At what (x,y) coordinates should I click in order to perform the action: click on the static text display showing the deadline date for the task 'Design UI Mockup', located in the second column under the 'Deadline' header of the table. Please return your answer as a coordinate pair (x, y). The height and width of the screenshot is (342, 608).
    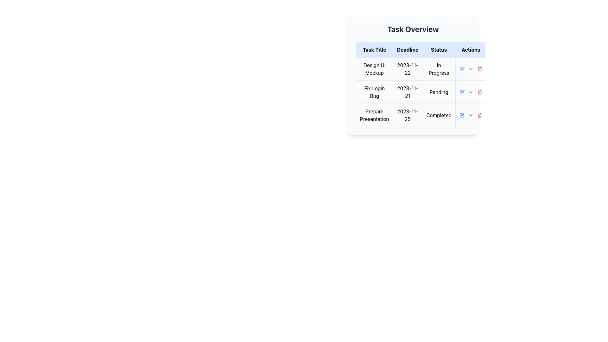
    Looking at the image, I should click on (408, 69).